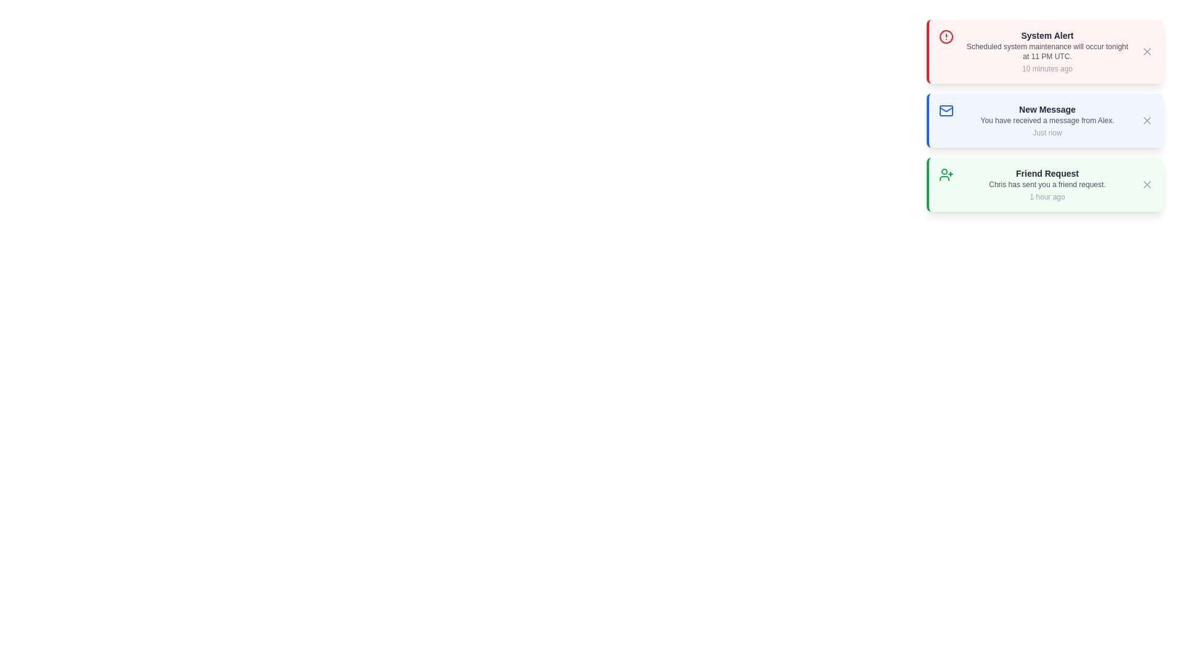 The image size is (1183, 665). What do you see at coordinates (1046, 121) in the screenshot?
I see `text label that displays 'You have received a message from Alex.' which is centrally located in the notification titled 'New Message'` at bounding box center [1046, 121].